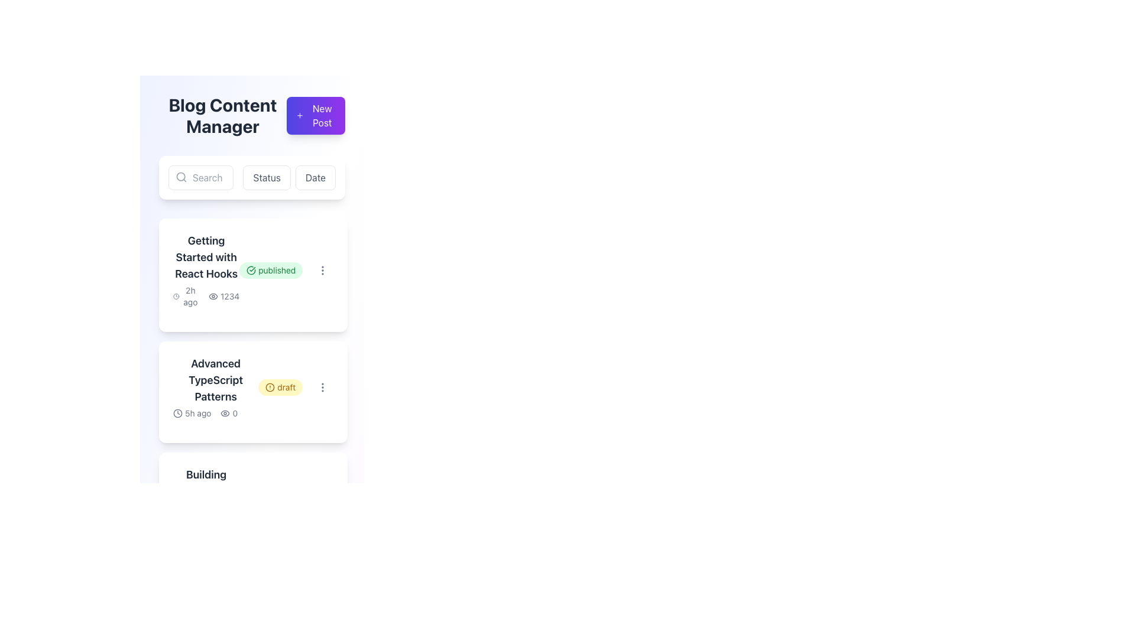 This screenshot has width=1135, height=638. Describe the element at coordinates (180, 177) in the screenshot. I see `the circular lens of the magnifying glass icon located in the top-left corner of the interface, next to the 'Search' button` at that location.